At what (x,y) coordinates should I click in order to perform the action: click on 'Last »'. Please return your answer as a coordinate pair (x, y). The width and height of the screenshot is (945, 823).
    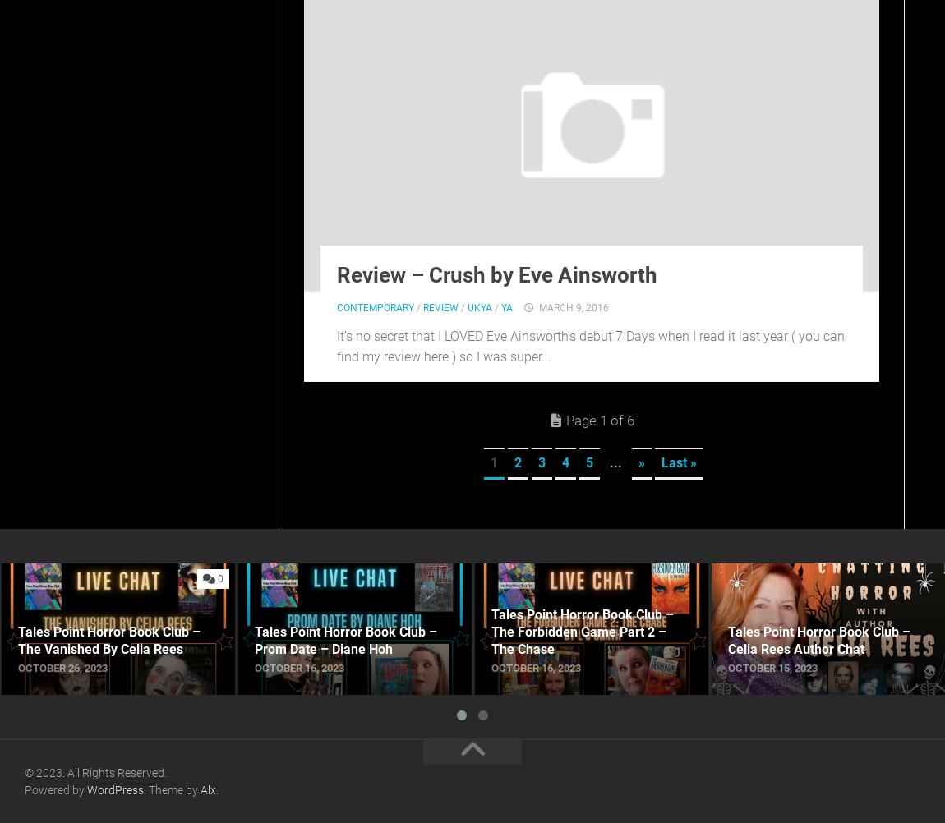
    Looking at the image, I should click on (677, 462).